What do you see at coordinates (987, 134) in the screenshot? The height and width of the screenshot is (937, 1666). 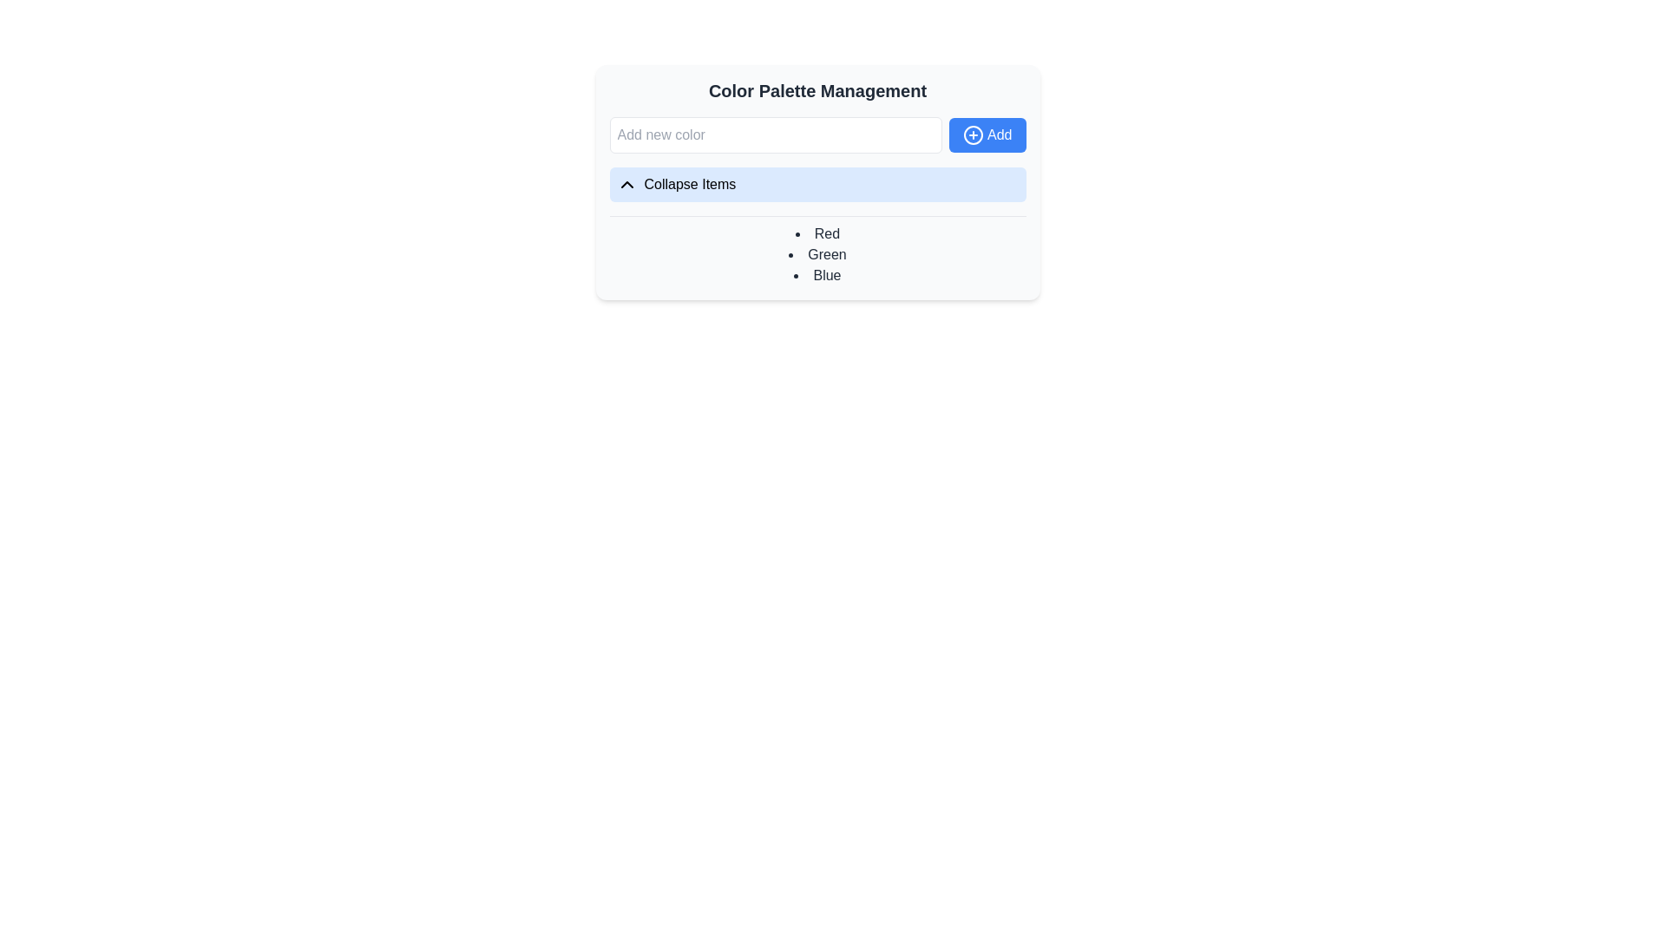 I see `the 'Add' button, which is a blue rectangular button with white text and a circle-plus icon, located to the right of the 'Add new color' text input field` at bounding box center [987, 134].